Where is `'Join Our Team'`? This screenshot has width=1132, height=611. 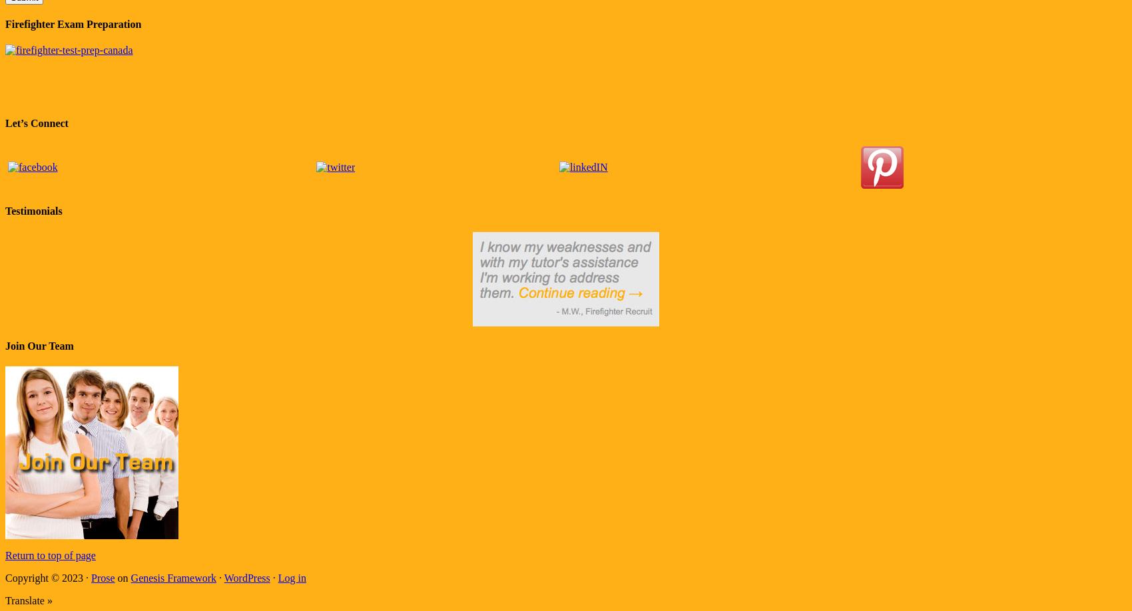 'Join Our Team' is located at coordinates (39, 344).